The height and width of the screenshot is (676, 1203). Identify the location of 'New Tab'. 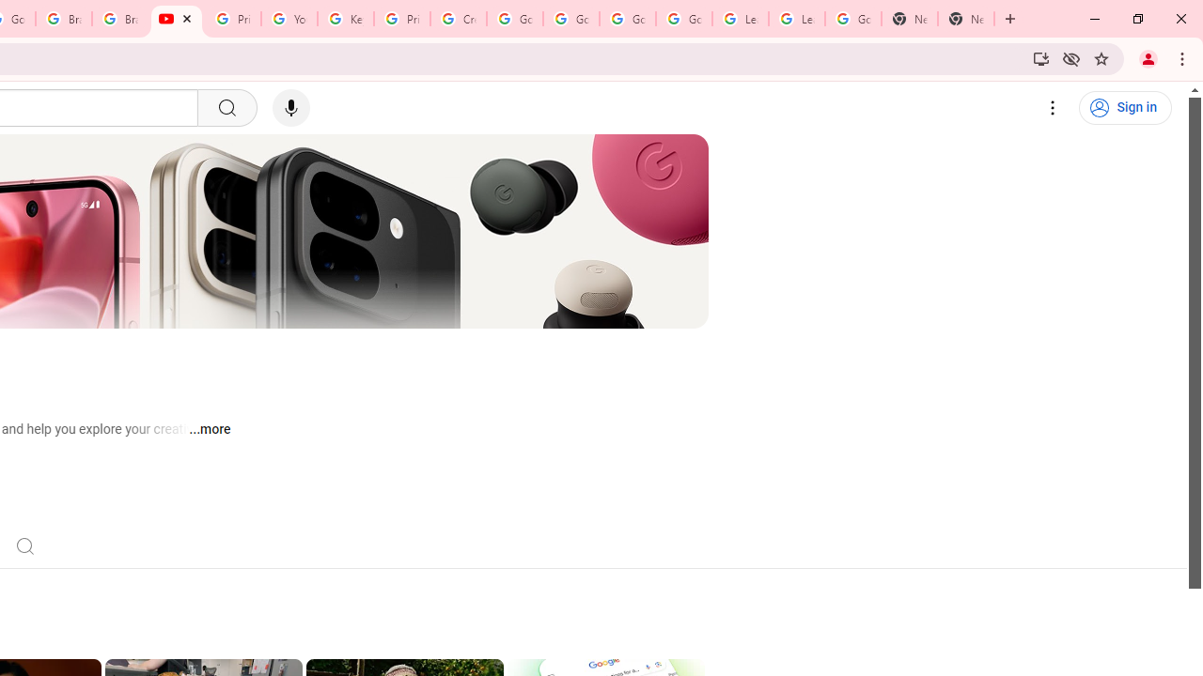
(910, 19).